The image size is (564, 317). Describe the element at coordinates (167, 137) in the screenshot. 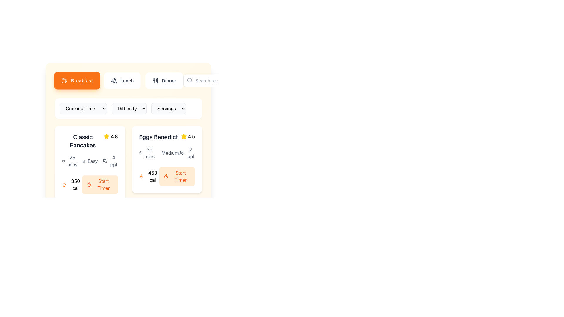

I see `the 'Eggs Benedict' title and rating indicator at the top-right corner of the recipe card to visualize the star rating` at that location.